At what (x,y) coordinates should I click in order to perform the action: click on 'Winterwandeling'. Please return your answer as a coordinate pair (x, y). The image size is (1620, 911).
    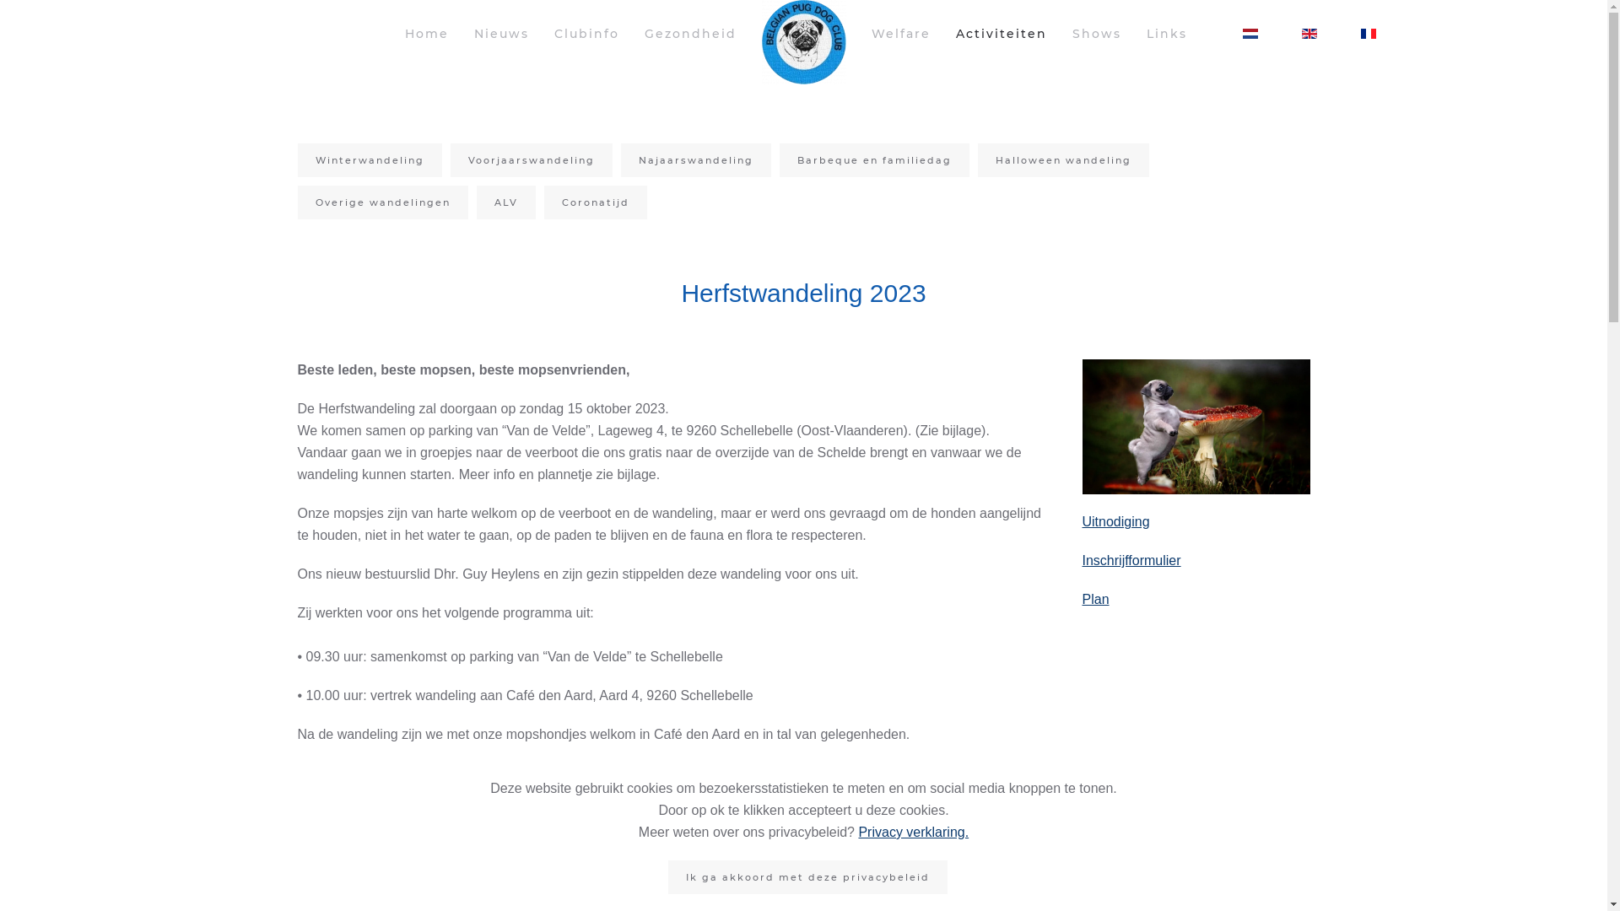
    Looking at the image, I should click on (296, 159).